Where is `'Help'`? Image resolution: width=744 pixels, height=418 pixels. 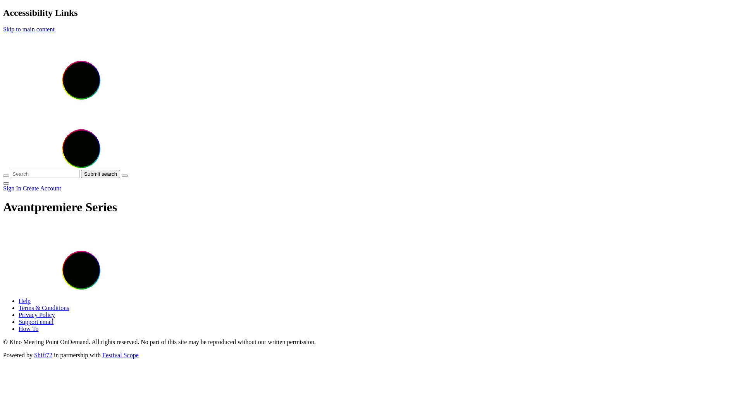
'Help' is located at coordinates (19, 300).